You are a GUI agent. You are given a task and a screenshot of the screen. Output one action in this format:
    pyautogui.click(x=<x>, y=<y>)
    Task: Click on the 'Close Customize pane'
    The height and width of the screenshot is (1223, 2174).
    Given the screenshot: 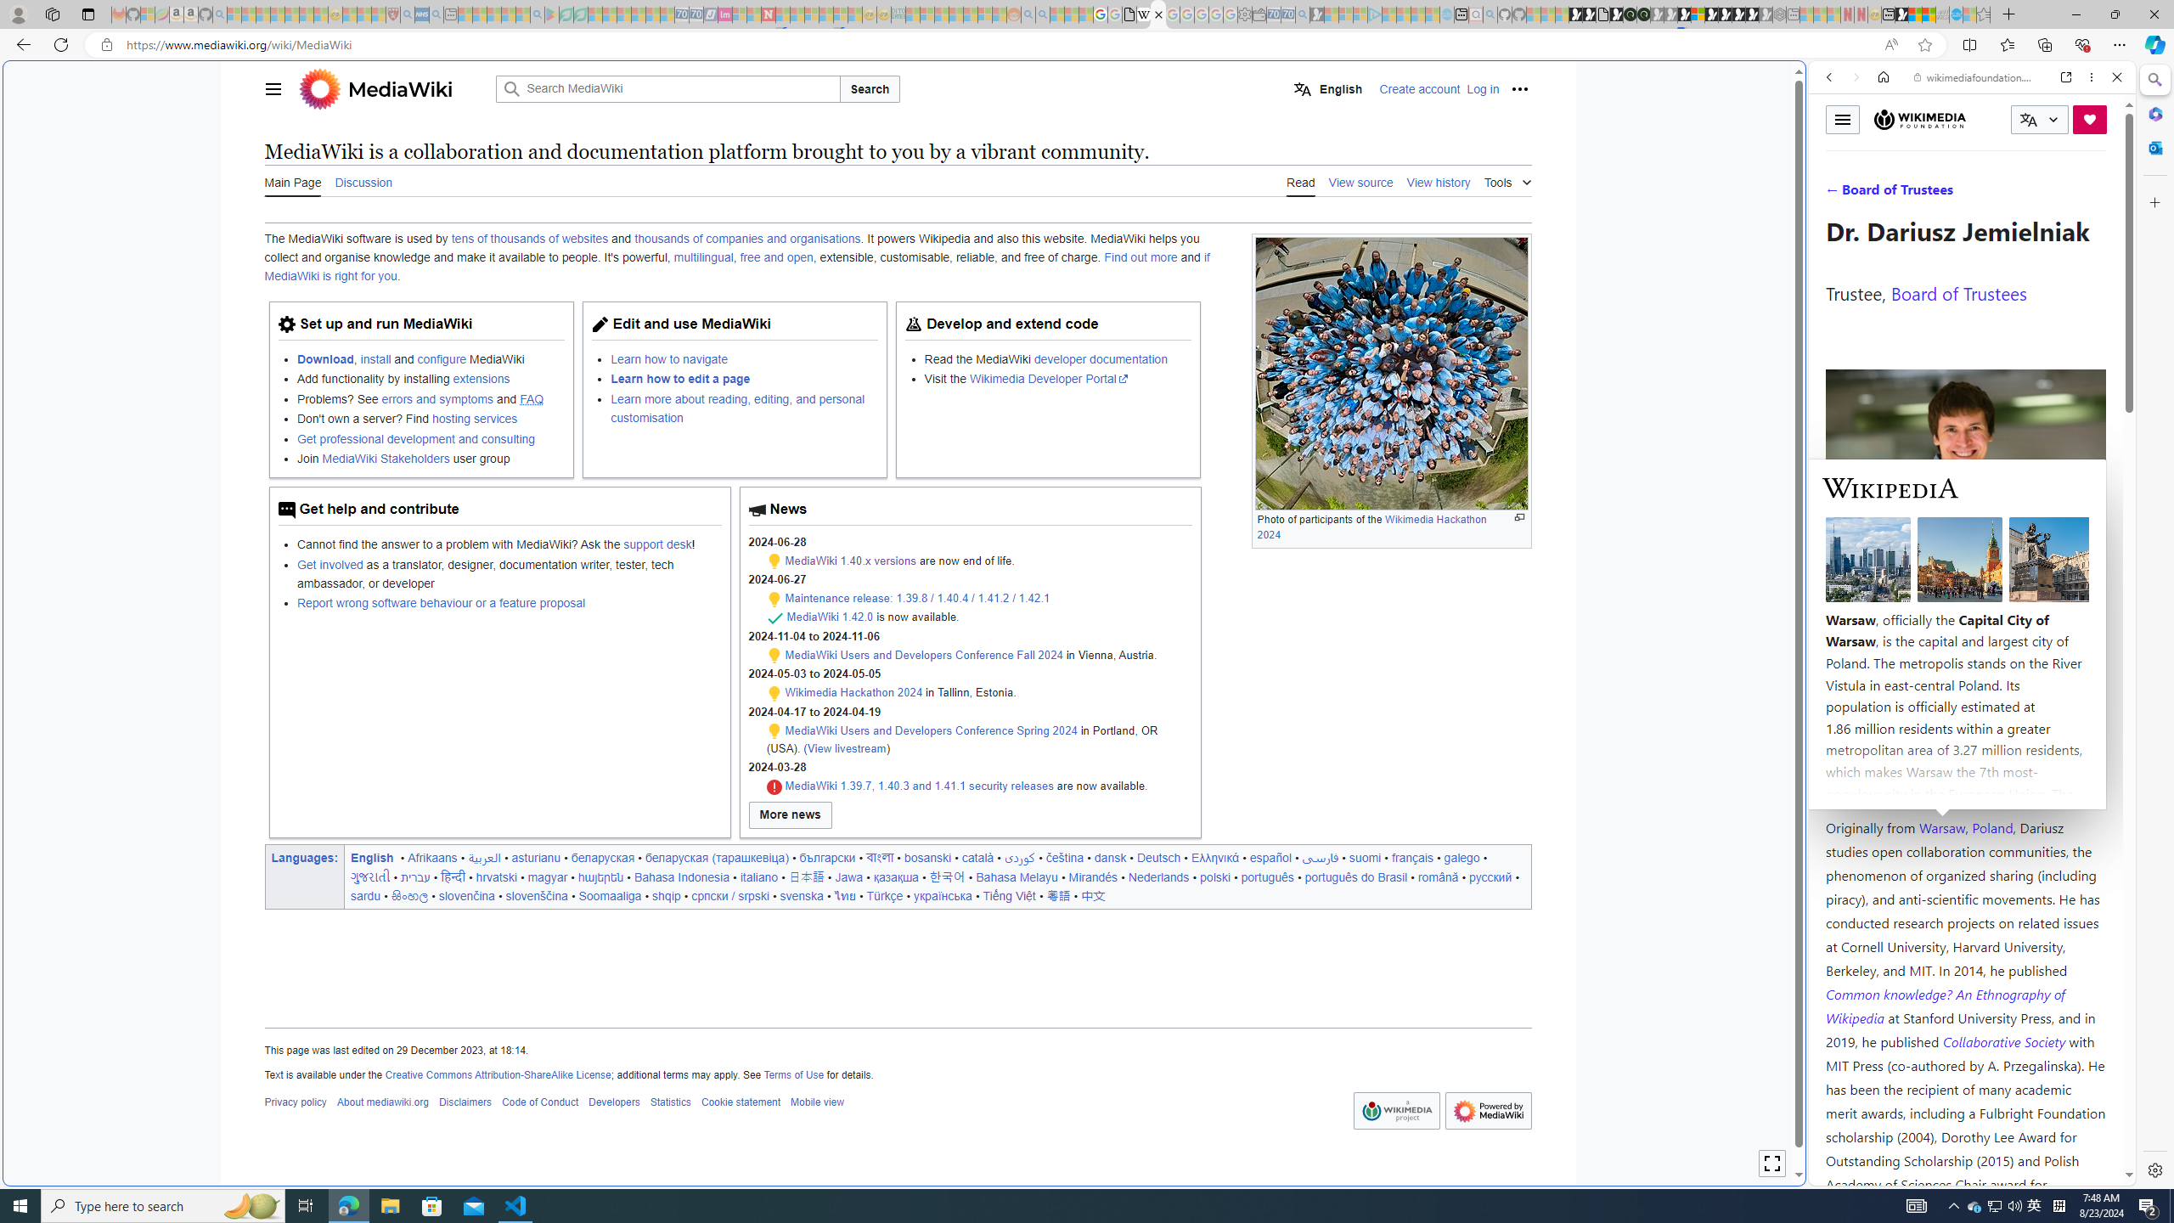 What is the action you would take?
    pyautogui.click(x=2153, y=201)
    